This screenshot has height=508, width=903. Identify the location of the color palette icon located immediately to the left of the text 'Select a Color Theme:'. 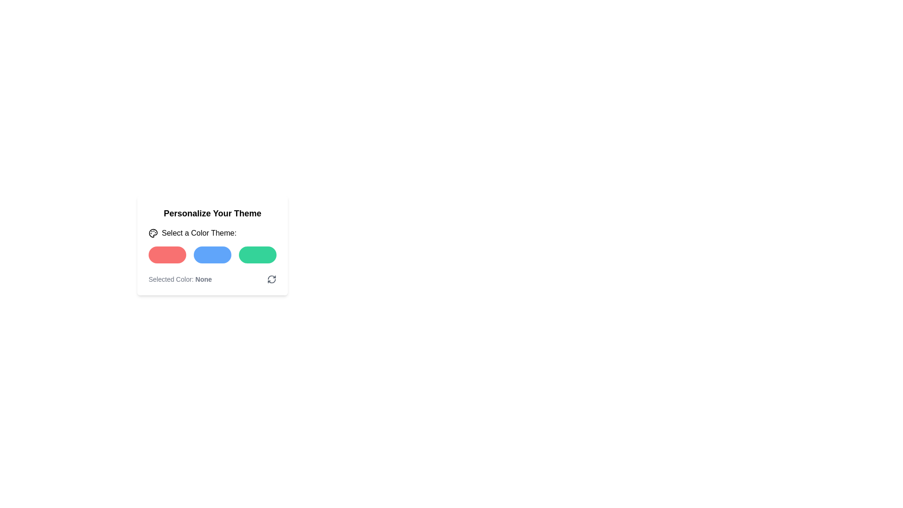
(153, 233).